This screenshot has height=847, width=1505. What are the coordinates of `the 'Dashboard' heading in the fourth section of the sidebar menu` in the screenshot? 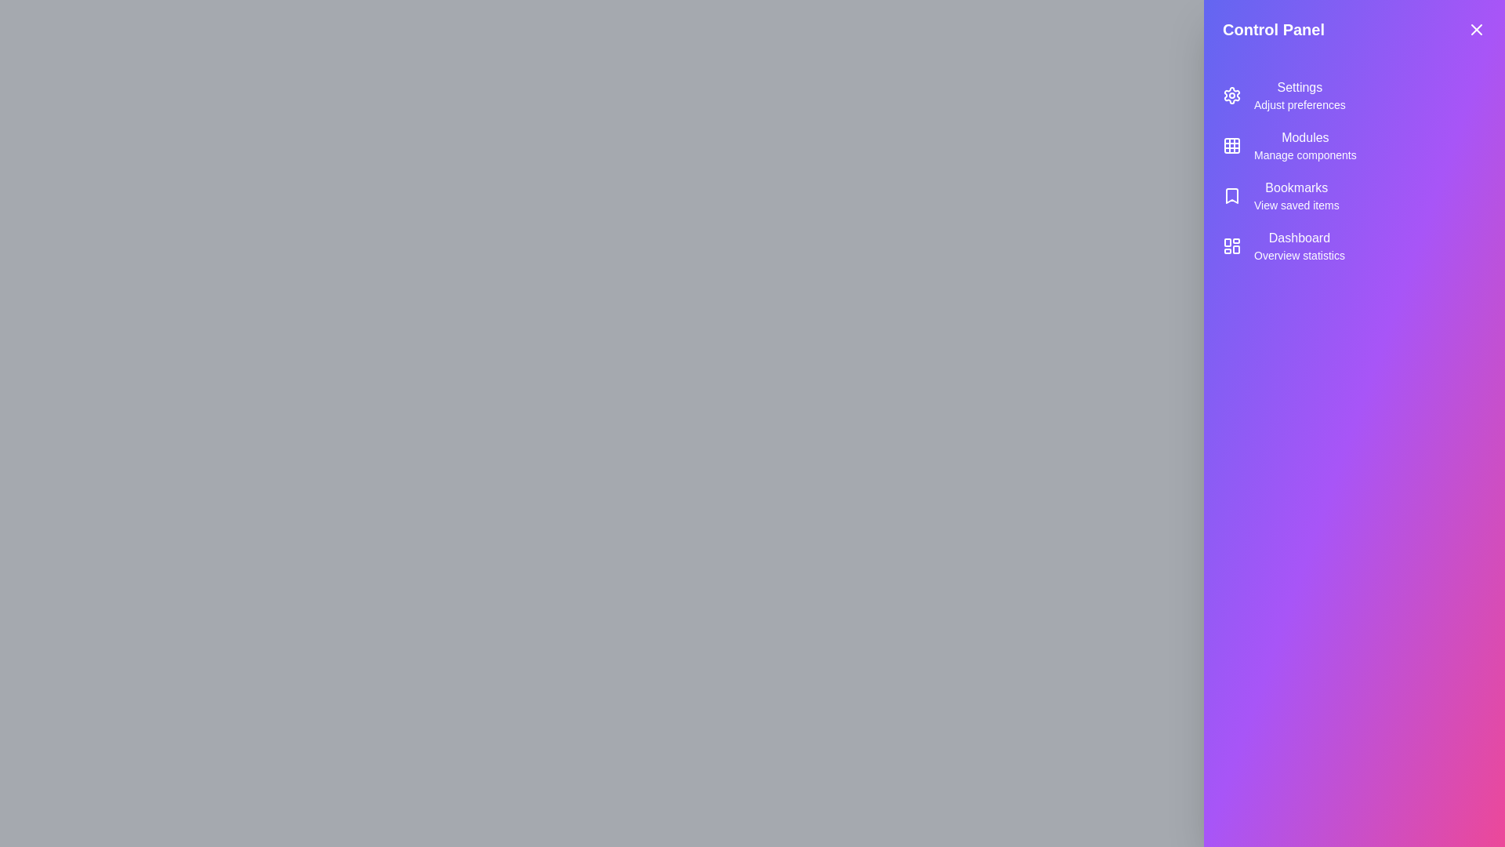 It's located at (1299, 238).